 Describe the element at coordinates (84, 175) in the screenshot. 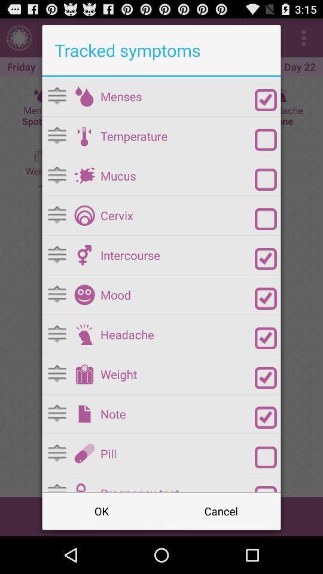

I see `mucus as symptom` at that location.